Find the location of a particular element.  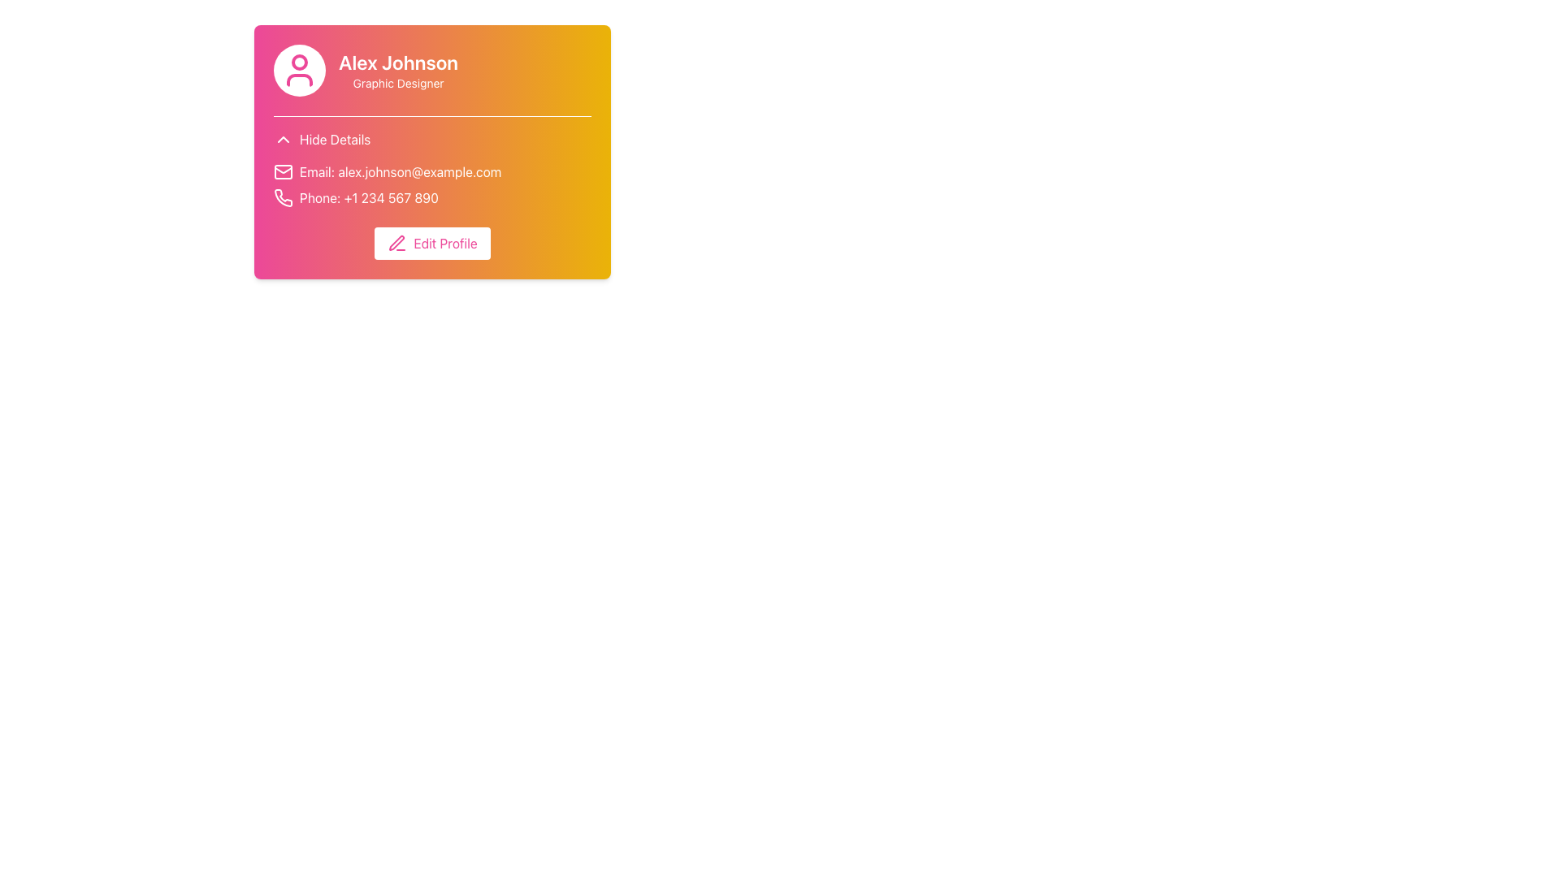

the small circular detail within the user icon located at the upper region of the head's outline is located at coordinates (300, 62).